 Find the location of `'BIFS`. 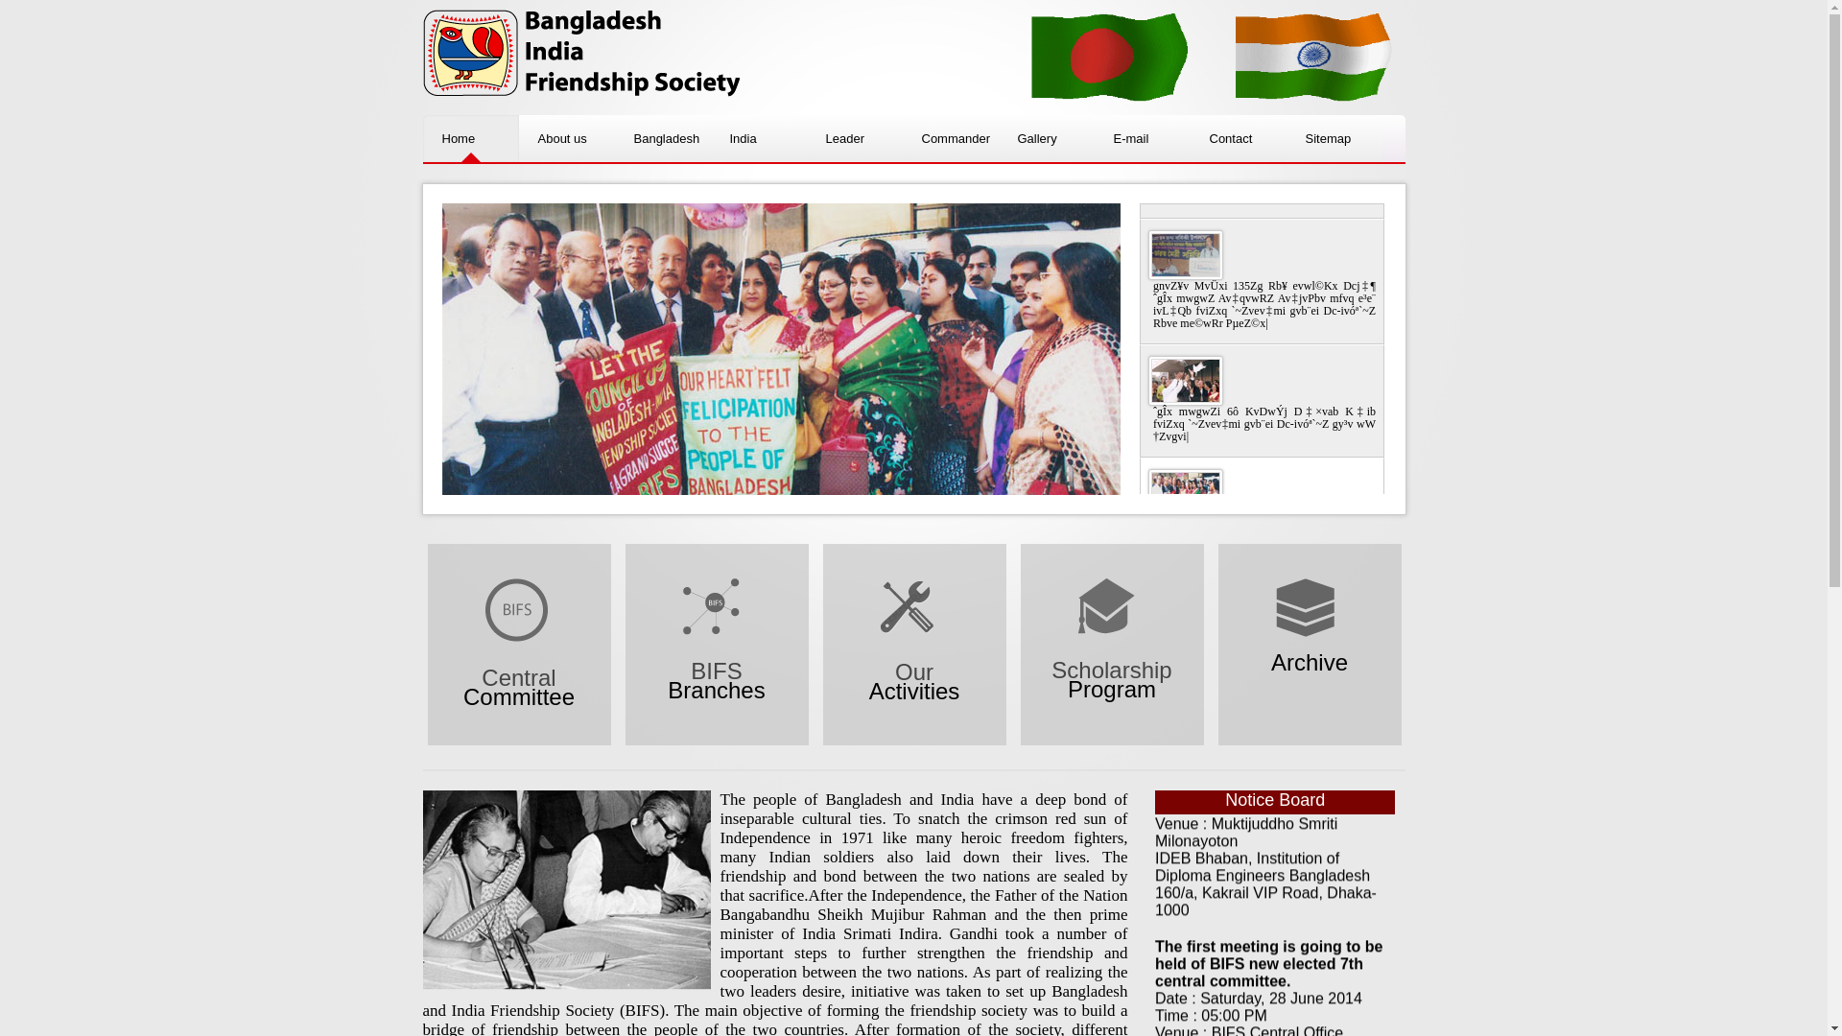

'BIFS is located at coordinates (716, 661).